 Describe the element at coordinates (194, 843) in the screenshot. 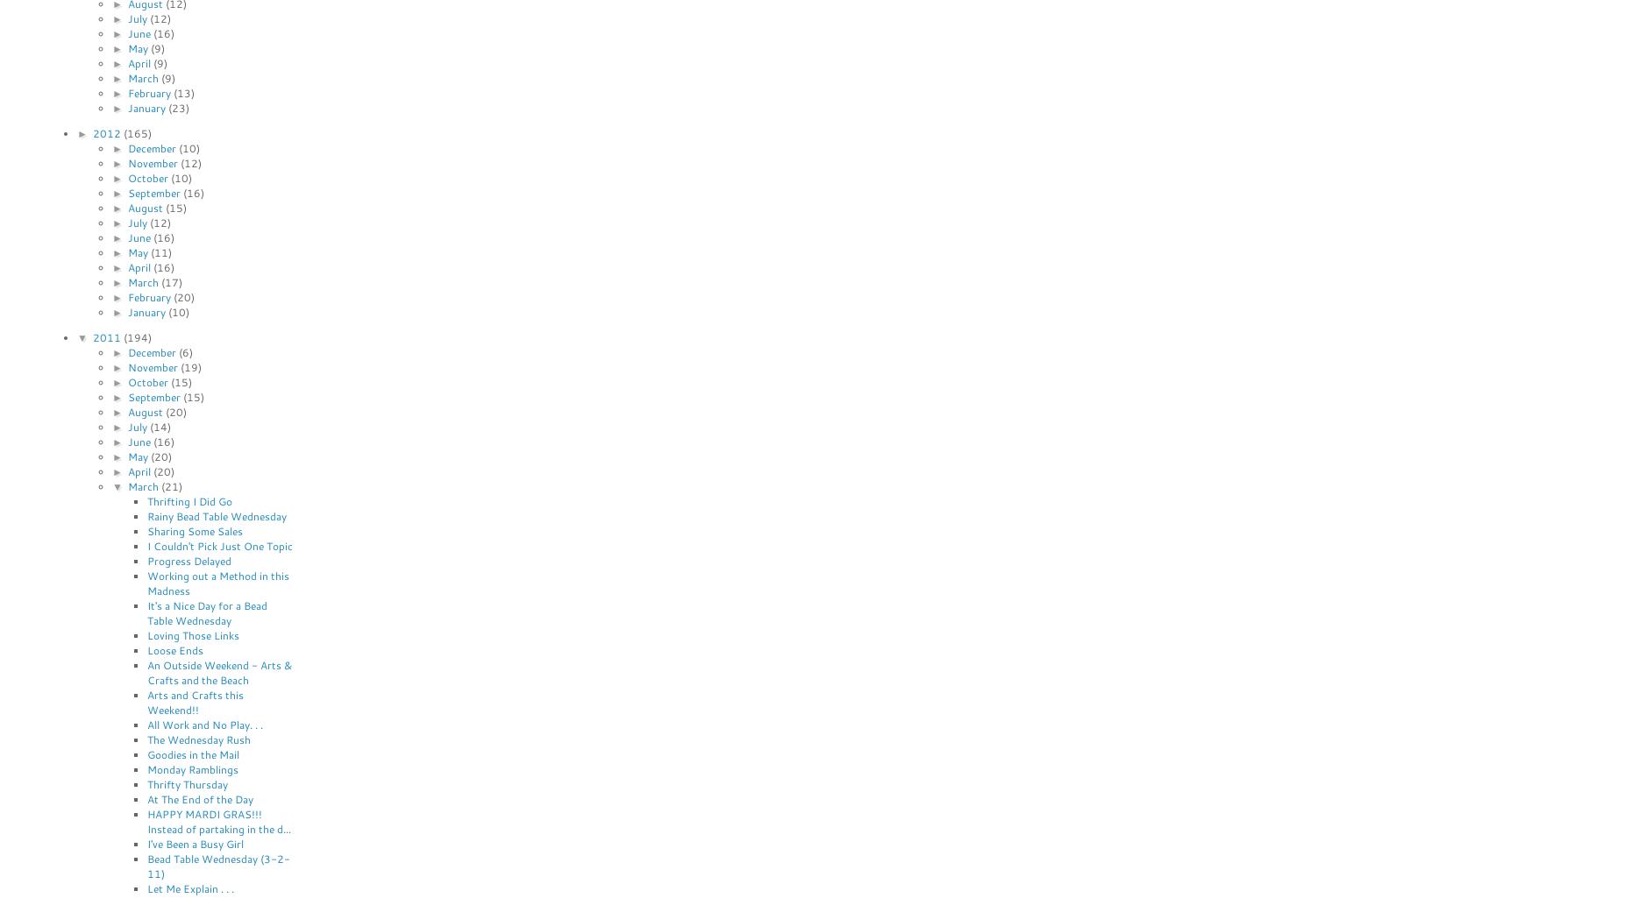

I see `'I've Been a Busy Girl'` at that location.